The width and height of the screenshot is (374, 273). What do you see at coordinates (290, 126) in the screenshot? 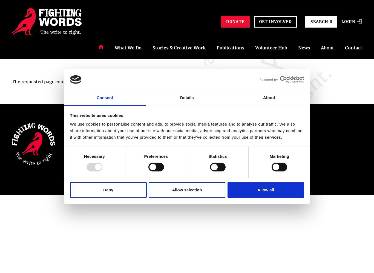
I see `'Follow us'` at bounding box center [290, 126].